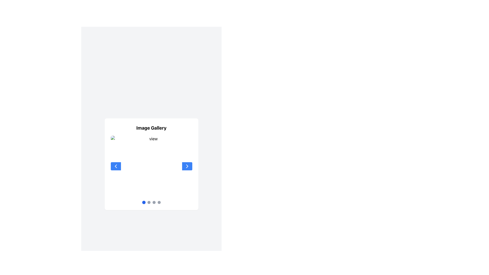 The height and width of the screenshot is (275, 489). What do you see at coordinates (115, 166) in the screenshot?
I see `the 'previous' navigation icon located in the center of the blue rectangular button on the left side of the gallery control interface` at bounding box center [115, 166].